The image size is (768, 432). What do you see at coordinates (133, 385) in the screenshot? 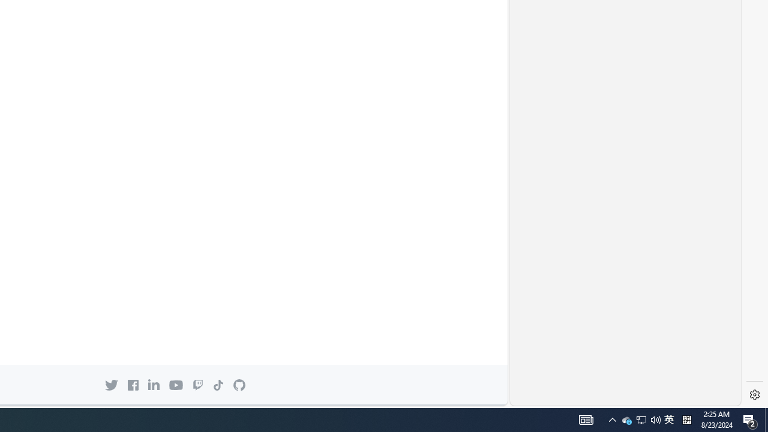
I see `'Class: mr-3'` at bounding box center [133, 385].